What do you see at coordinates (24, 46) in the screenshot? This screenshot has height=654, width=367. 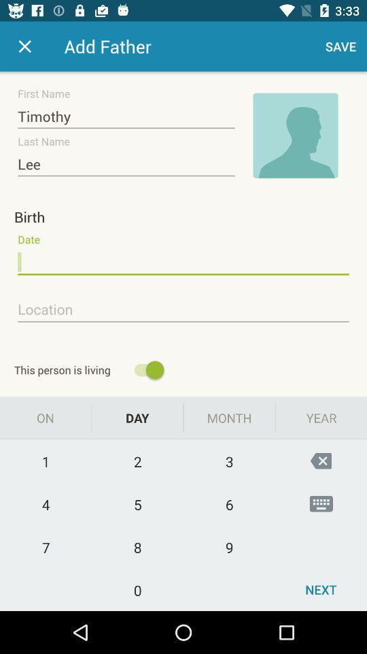 I see `contact` at bounding box center [24, 46].